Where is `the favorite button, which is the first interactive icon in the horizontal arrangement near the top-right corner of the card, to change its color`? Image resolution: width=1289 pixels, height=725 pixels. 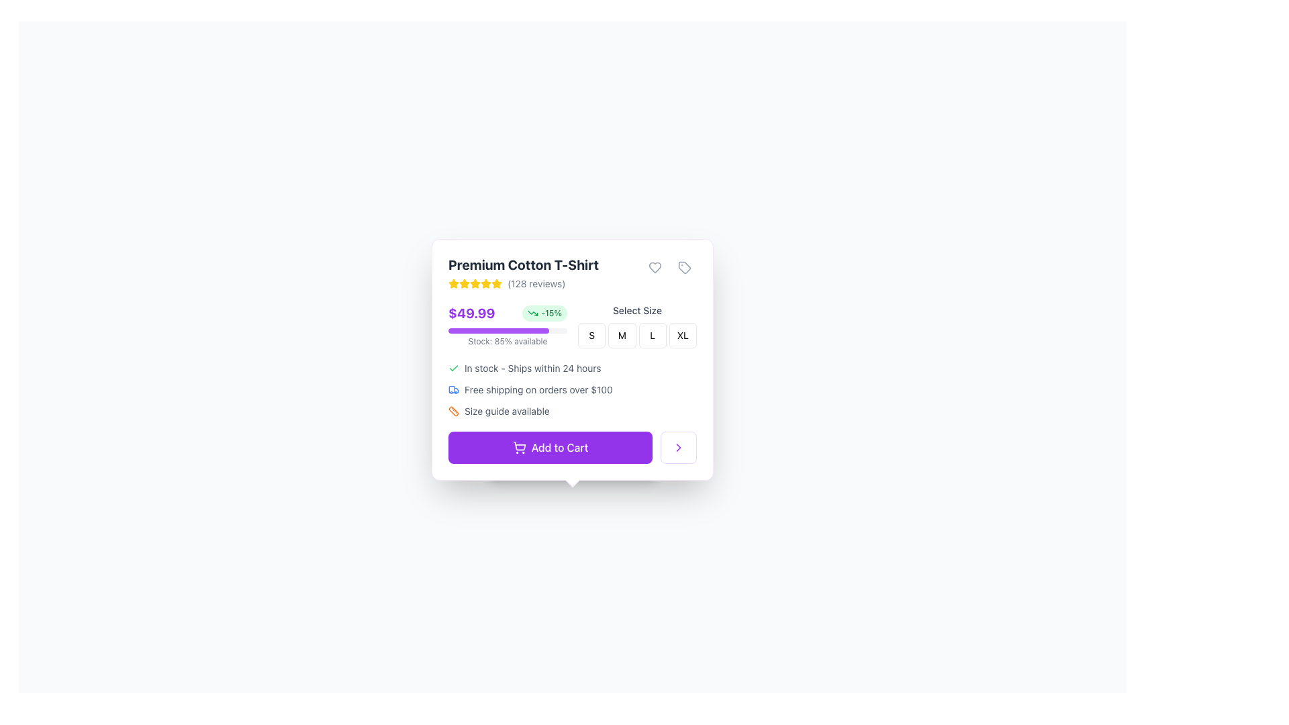
the favorite button, which is the first interactive icon in the horizontal arrangement near the top-right corner of the card, to change its color is located at coordinates (655, 267).